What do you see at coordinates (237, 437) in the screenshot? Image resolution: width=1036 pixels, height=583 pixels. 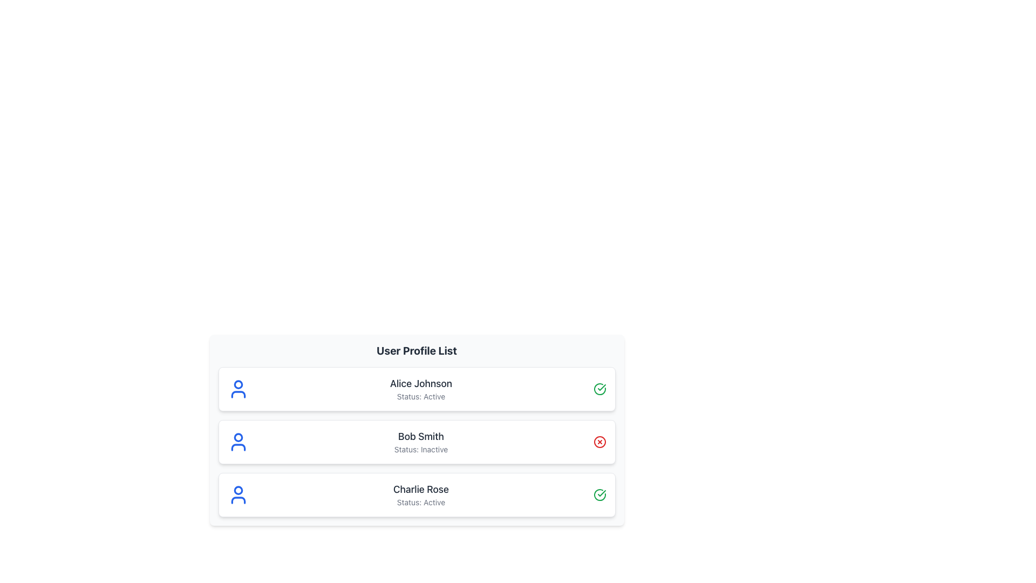 I see `the decorative graphical element that resembles a profile picture placeholder, located at the center of the circular head part of the user icon for 'Bob Smith', the second user in the list` at bounding box center [237, 437].